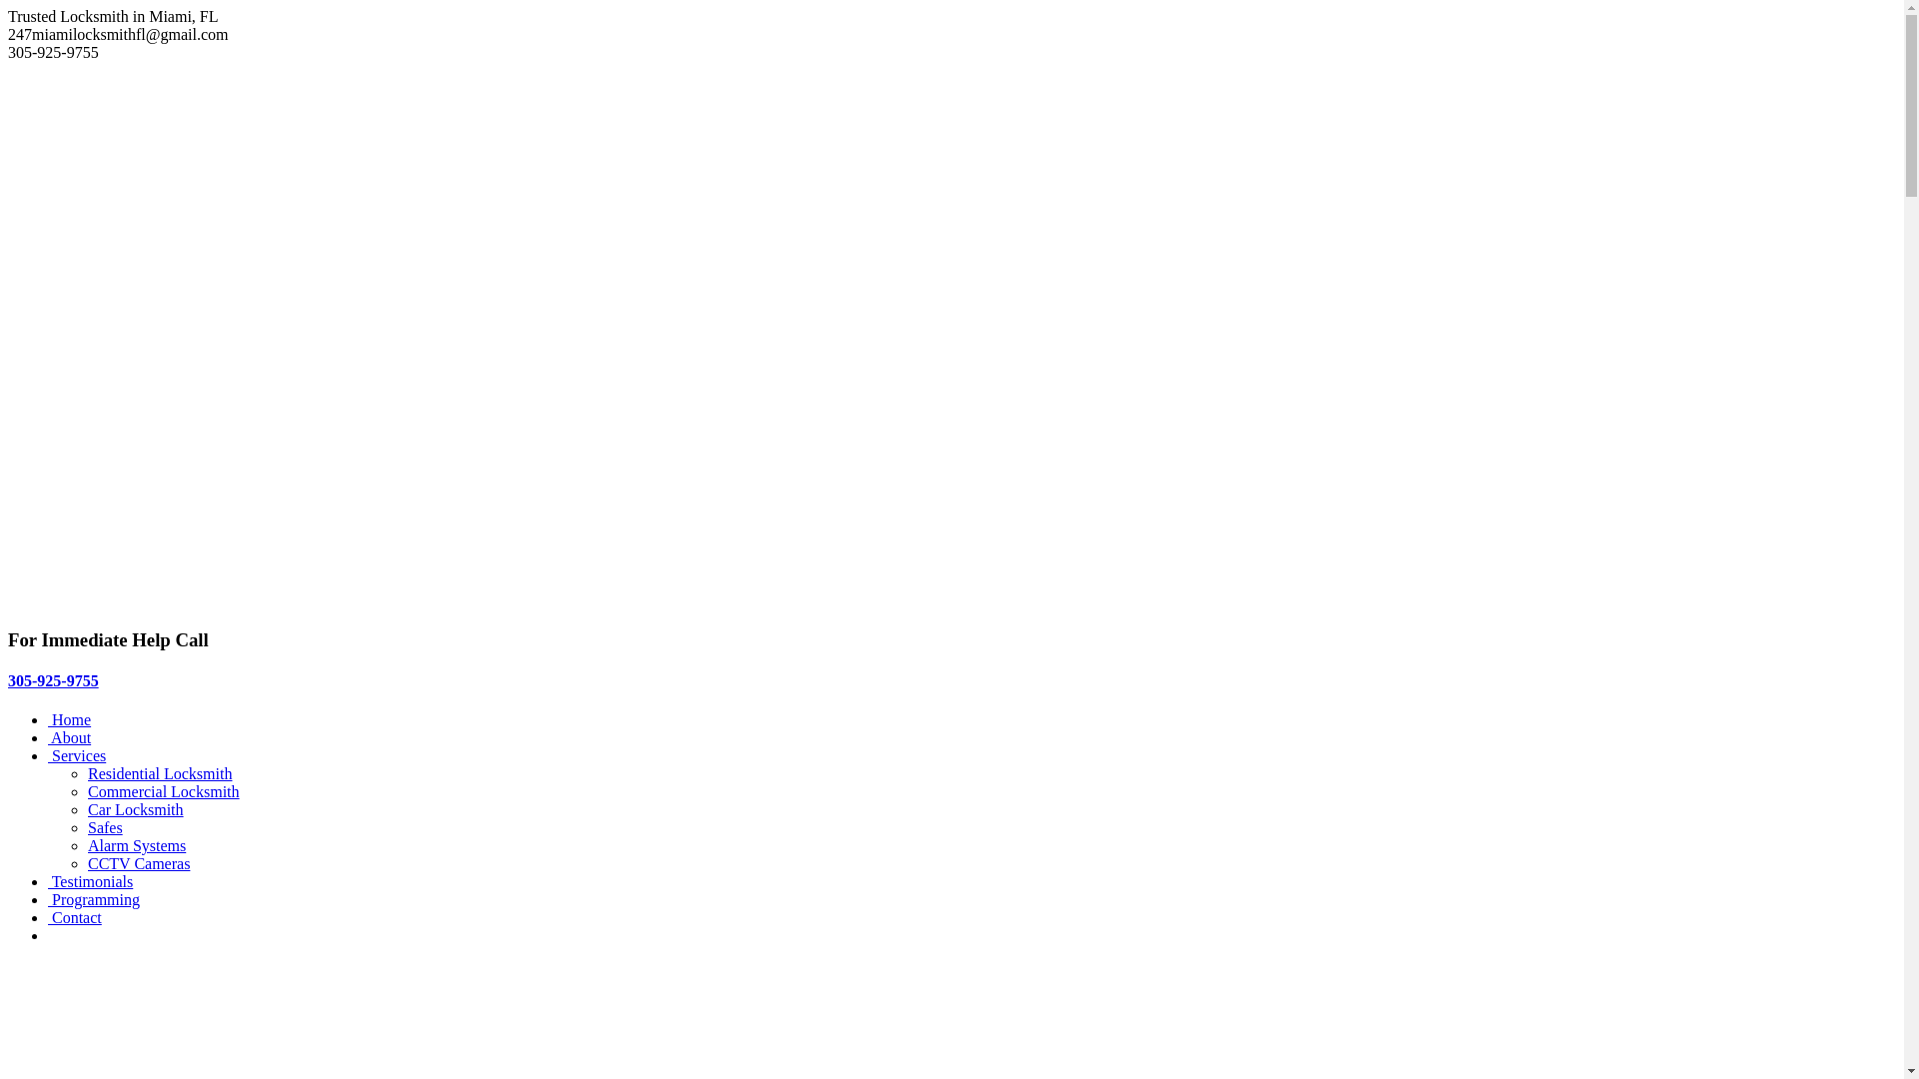  I want to click on 'Residential Locksmith', so click(86, 772).